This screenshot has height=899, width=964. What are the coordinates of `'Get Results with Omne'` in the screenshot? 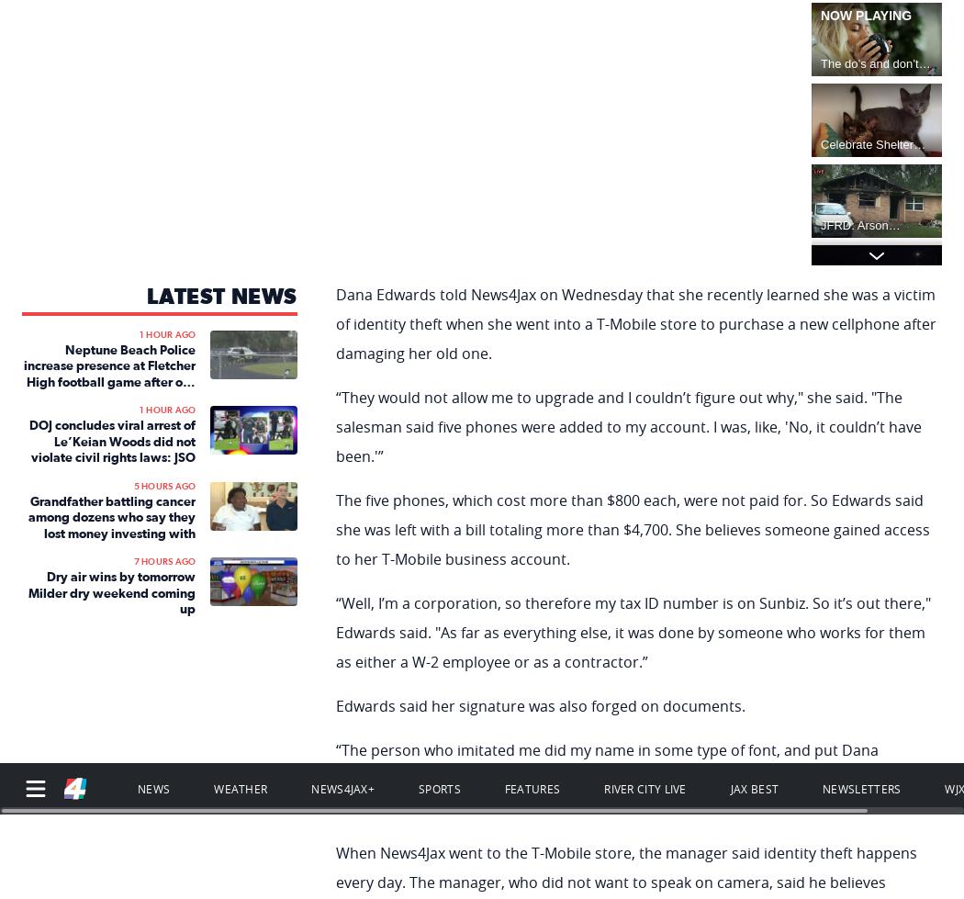 It's located at (835, 745).